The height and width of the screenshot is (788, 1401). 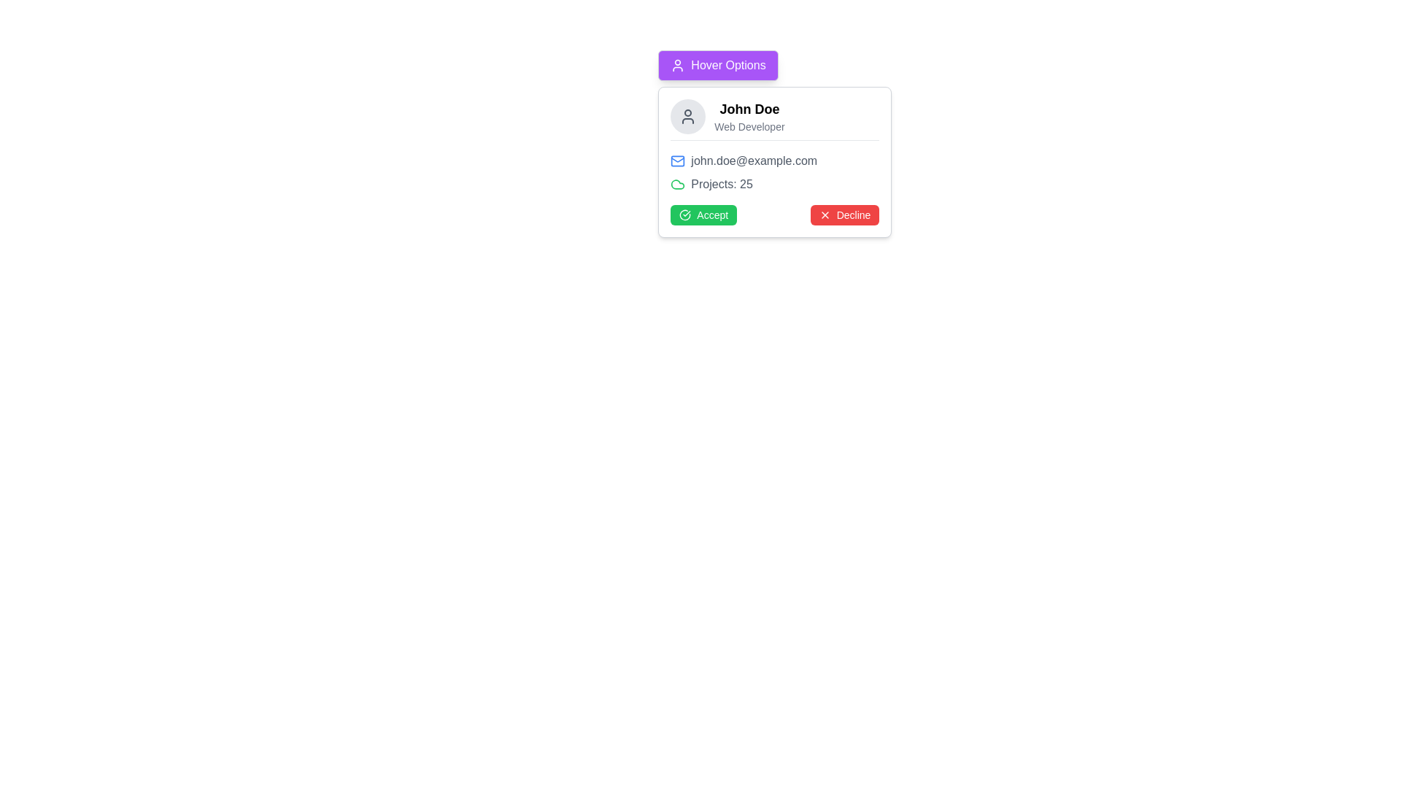 I want to click on the user profile icon, which is a minimalist circular head and shoulders outline, located at the start of the 'Hover Options' button, so click(x=677, y=64).